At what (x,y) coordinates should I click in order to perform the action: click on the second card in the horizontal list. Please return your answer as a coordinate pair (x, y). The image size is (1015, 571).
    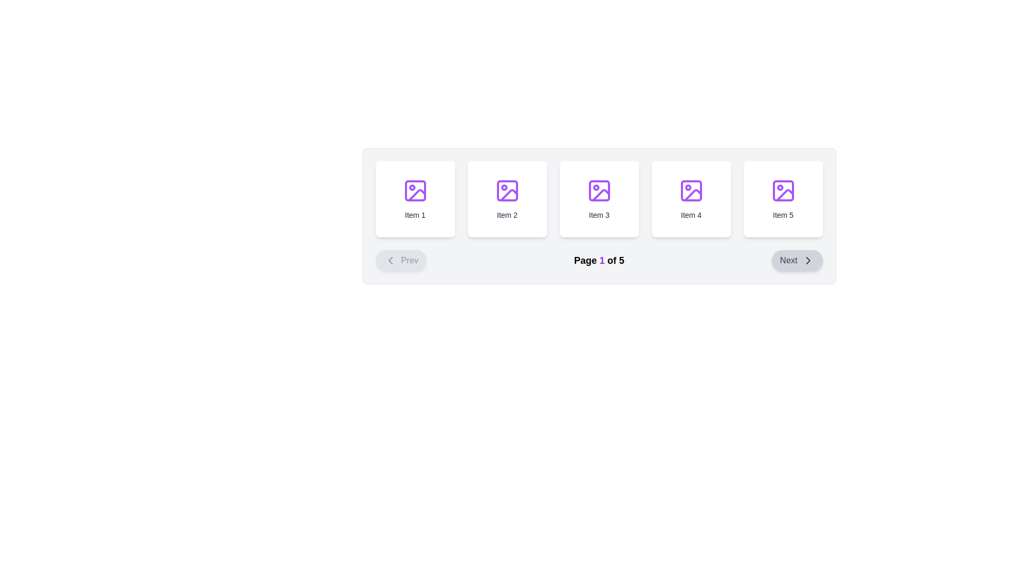
    Looking at the image, I should click on (506, 199).